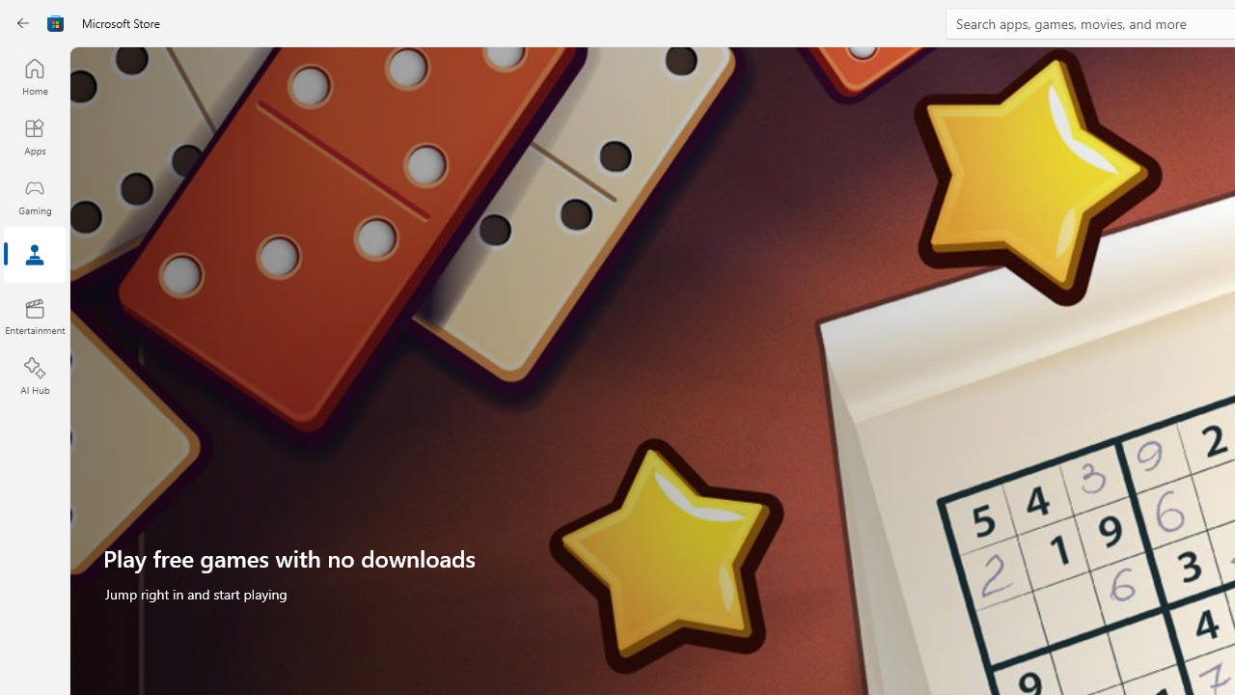 This screenshot has height=695, width=1235. What do you see at coordinates (56, 23) in the screenshot?
I see `'Class: Image'` at bounding box center [56, 23].